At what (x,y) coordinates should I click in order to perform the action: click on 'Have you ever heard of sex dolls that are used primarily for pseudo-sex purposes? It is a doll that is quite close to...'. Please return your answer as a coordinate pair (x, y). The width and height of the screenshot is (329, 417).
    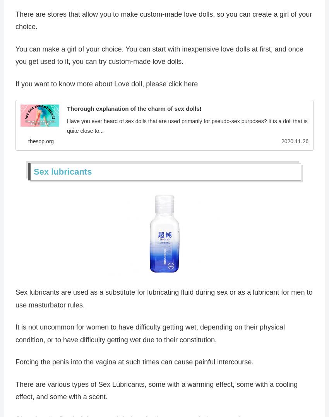
    Looking at the image, I should click on (187, 127).